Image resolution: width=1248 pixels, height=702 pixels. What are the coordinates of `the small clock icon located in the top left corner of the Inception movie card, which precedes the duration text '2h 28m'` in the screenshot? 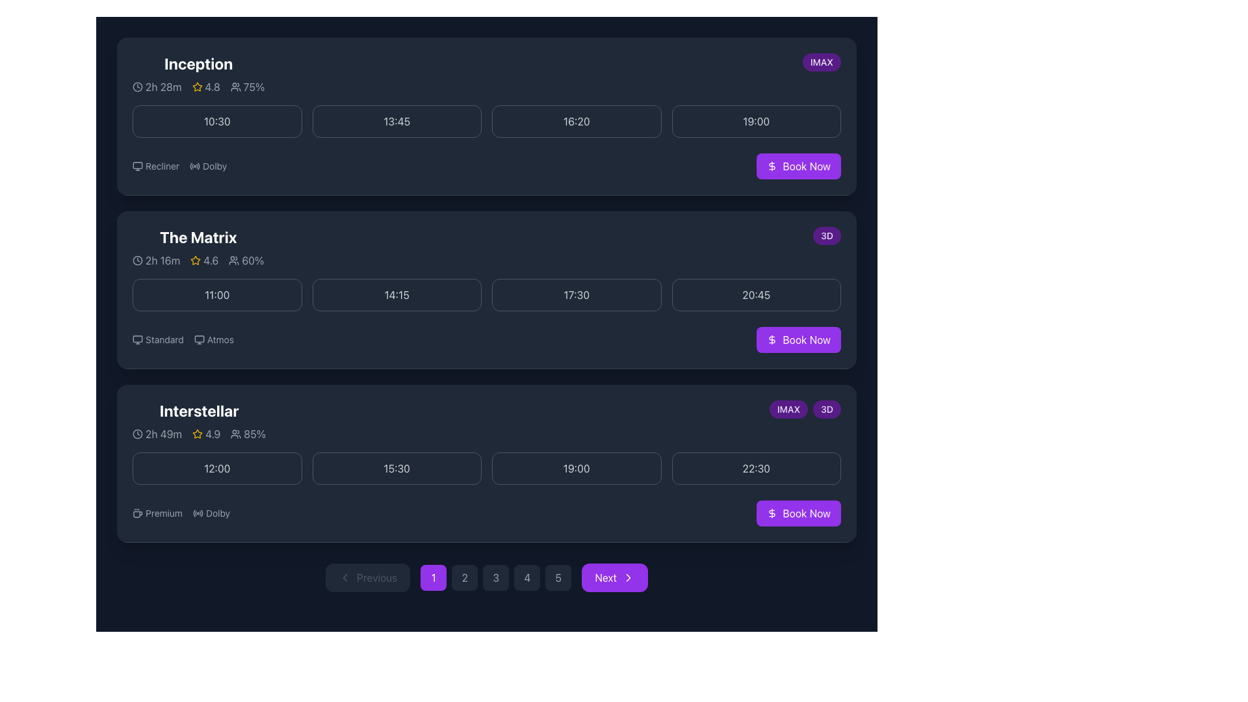 It's located at (137, 87).